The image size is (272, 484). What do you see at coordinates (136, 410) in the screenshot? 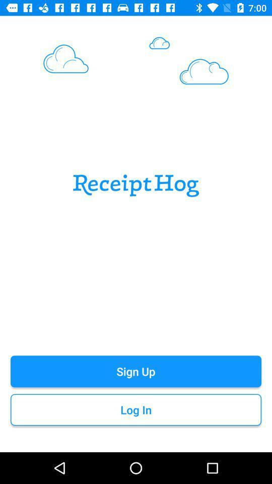
I see `log in icon` at bounding box center [136, 410].